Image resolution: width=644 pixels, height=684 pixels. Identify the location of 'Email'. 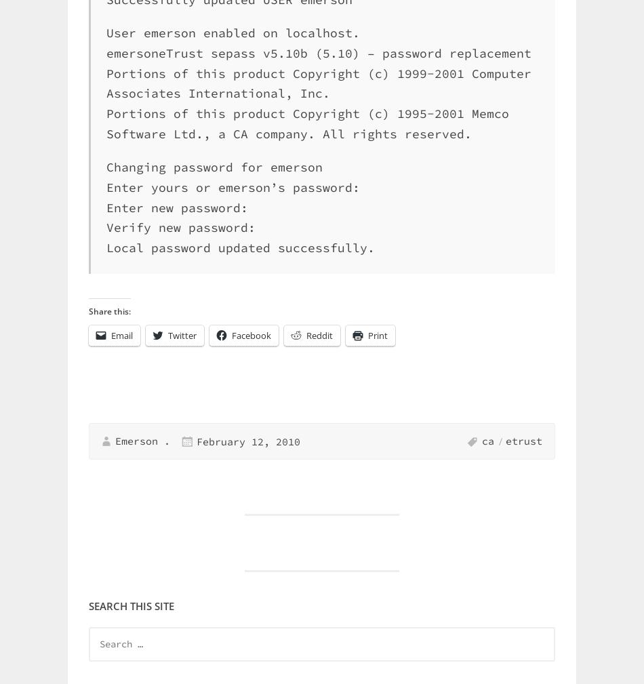
(122, 335).